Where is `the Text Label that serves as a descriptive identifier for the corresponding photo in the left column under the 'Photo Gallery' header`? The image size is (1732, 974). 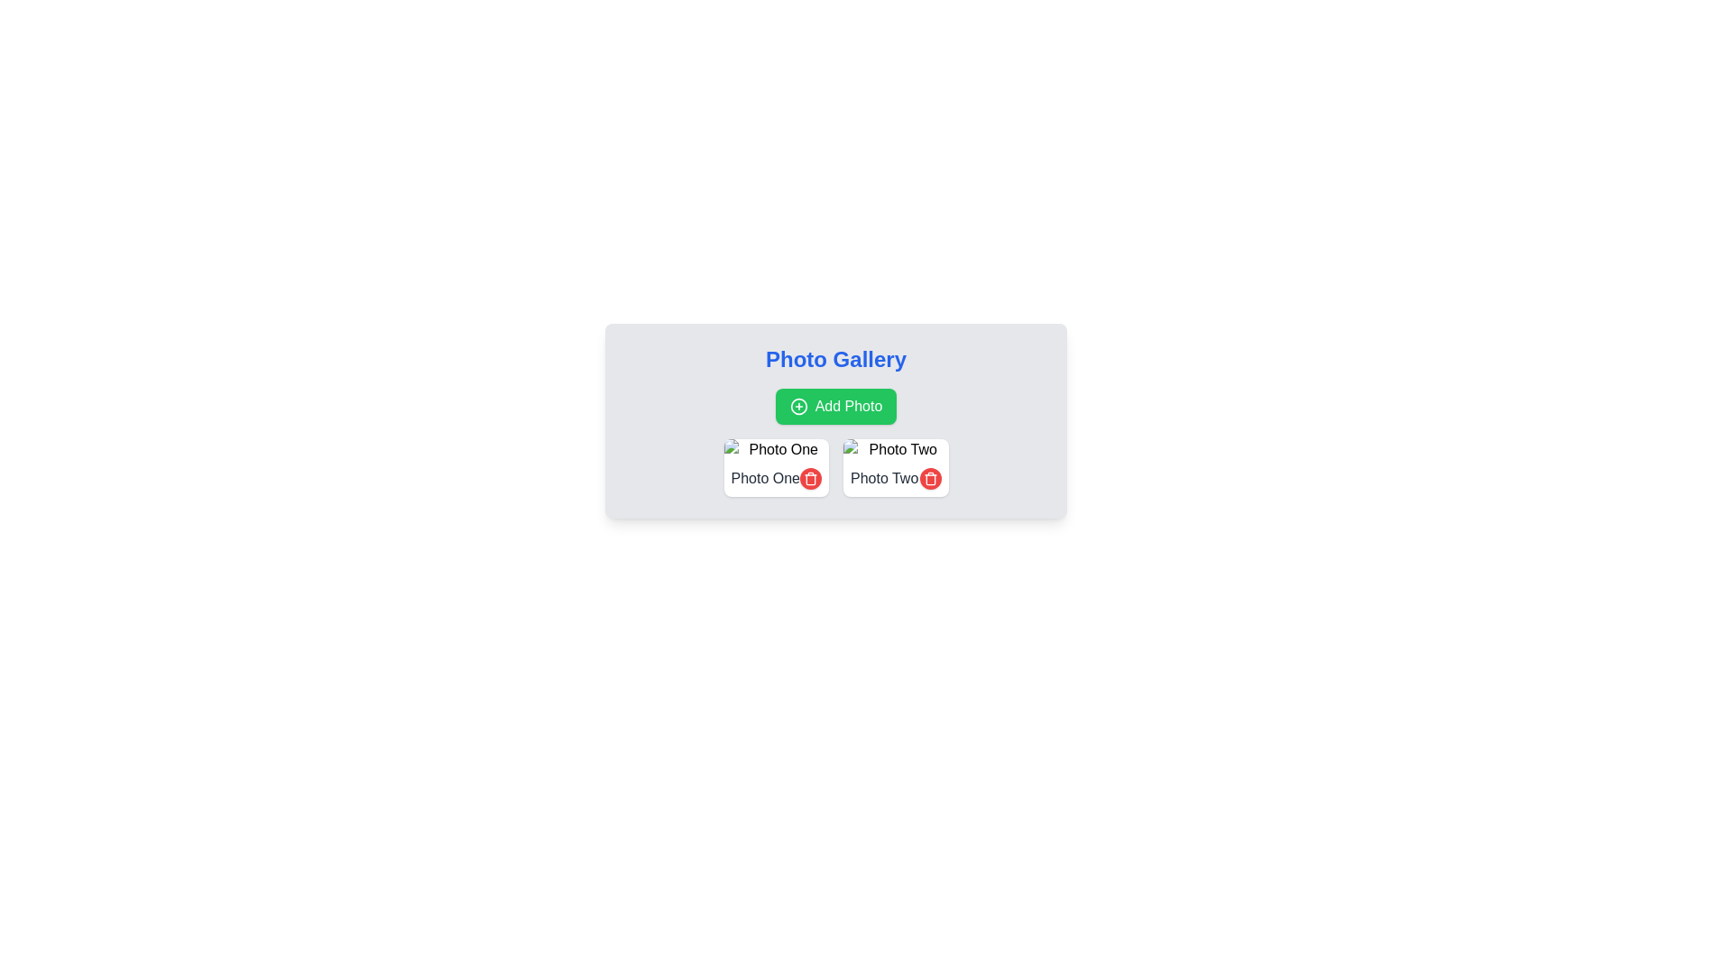
the Text Label that serves as a descriptive identifier for the corresponding photo in the left column under the 'Photo Gallery' header is located at coordinates (765, 478).